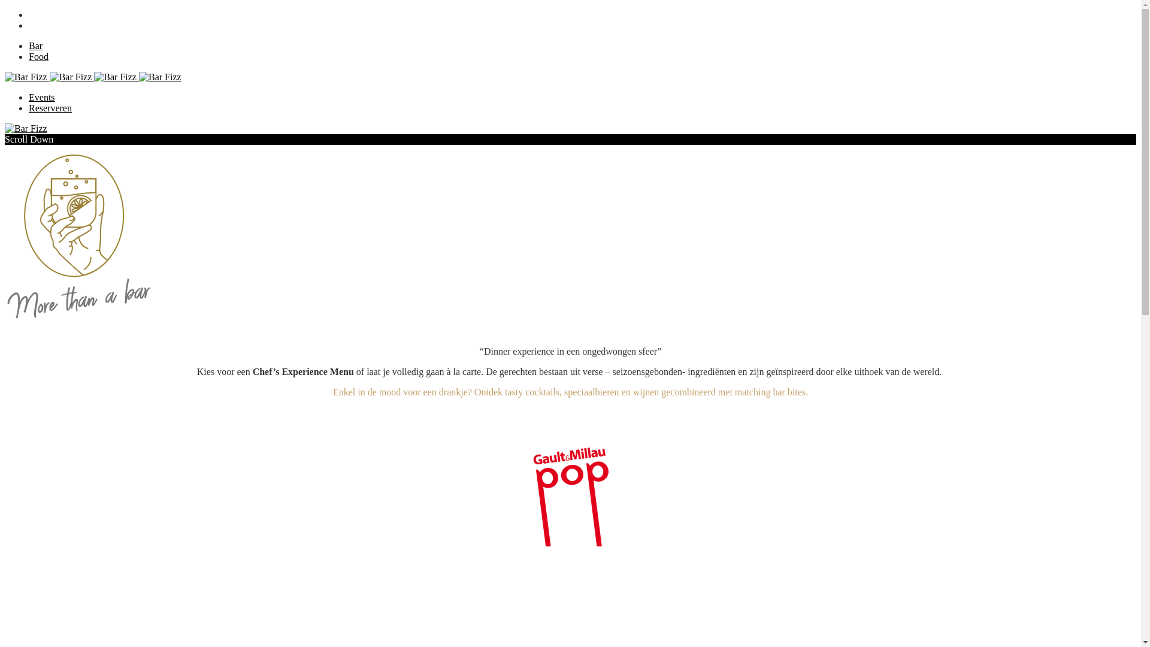 The image size is (1150, 647). What do you see at coordinates (49, 108) in the screenshot?
I see `'Reserveren'` at bounding box center [49, 108].